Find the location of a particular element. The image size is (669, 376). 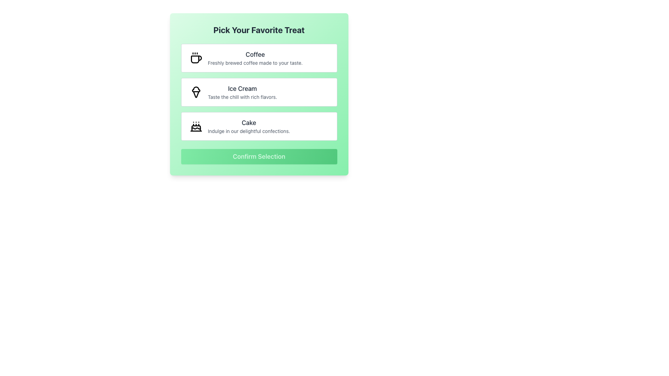

the disabled 'Confirm Selection' button with a gradient background and white text located at the bottom of the selection list is located at coordinates (259, 157).